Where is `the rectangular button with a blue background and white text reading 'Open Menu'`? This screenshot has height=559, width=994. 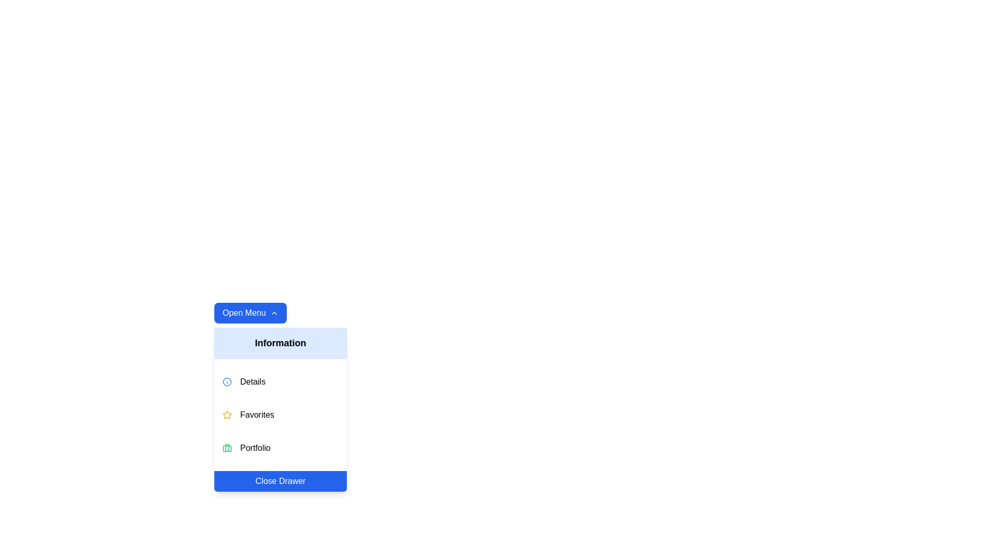
the rectangular button with a blue background and white text reading 'Open Menu' is located at coordinates (250, 313).